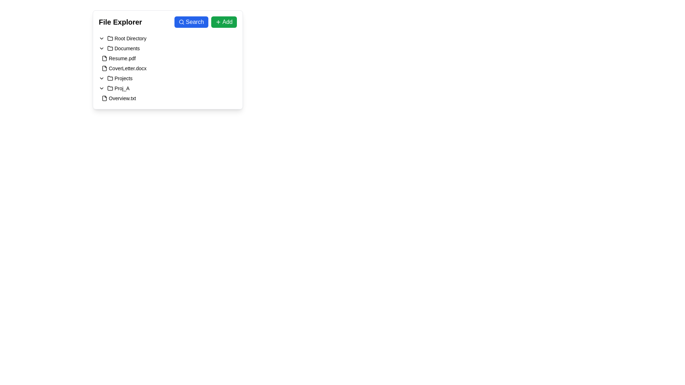 This screenshot has width=685, height=385. What do you see at coordinates (218, 21) in the screenshot?
I see `the icon within the 'Add' button located in the top right corner of the file explorer panel` at bounding box center [218, 21].